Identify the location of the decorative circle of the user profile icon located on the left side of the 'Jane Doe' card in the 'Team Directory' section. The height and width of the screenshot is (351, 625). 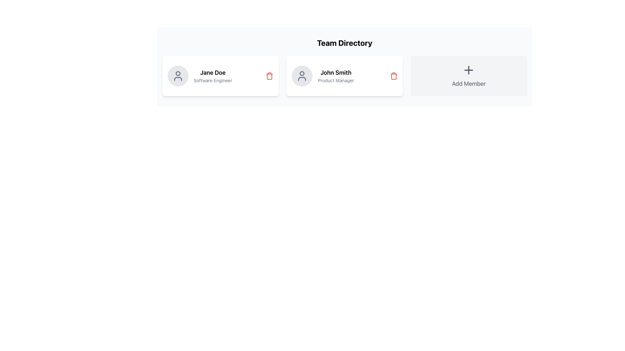
(178, 73).